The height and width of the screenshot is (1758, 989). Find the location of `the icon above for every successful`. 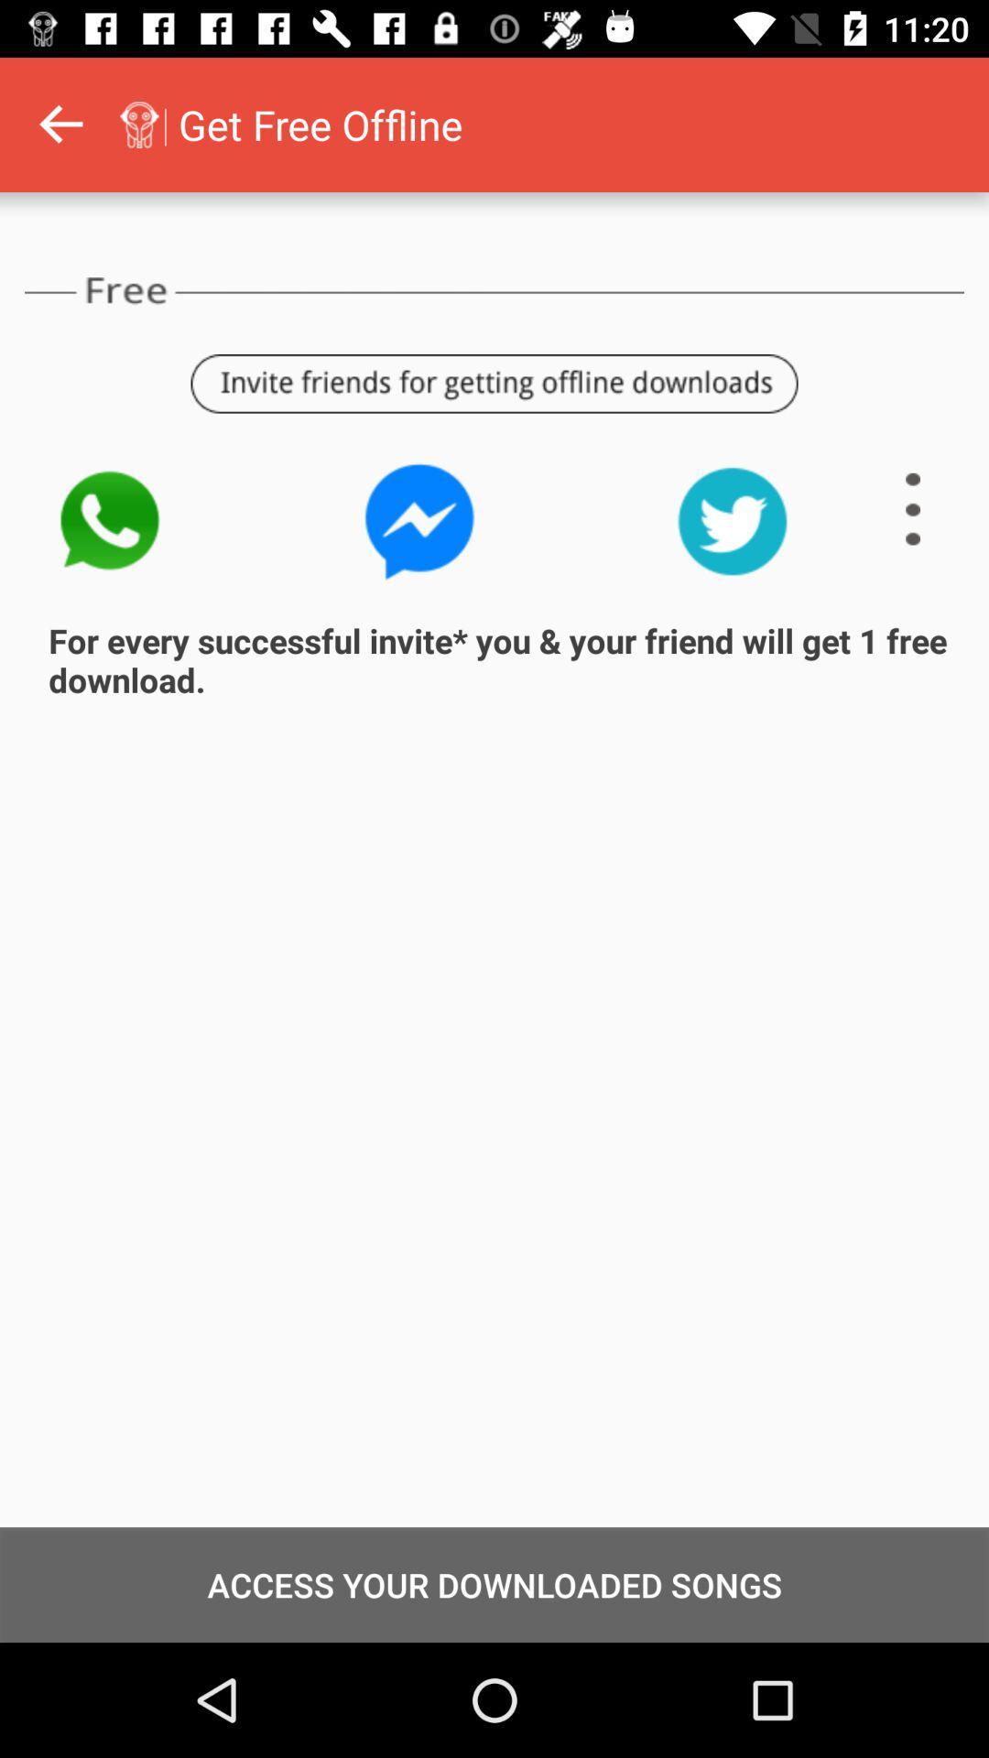

the icon above for every successful is located at coordinates (108, 520).